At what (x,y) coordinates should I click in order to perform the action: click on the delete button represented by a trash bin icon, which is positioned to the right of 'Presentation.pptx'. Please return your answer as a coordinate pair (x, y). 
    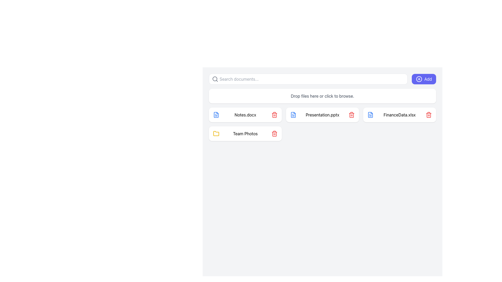
    Looking at the image, I should click on (351, 114).